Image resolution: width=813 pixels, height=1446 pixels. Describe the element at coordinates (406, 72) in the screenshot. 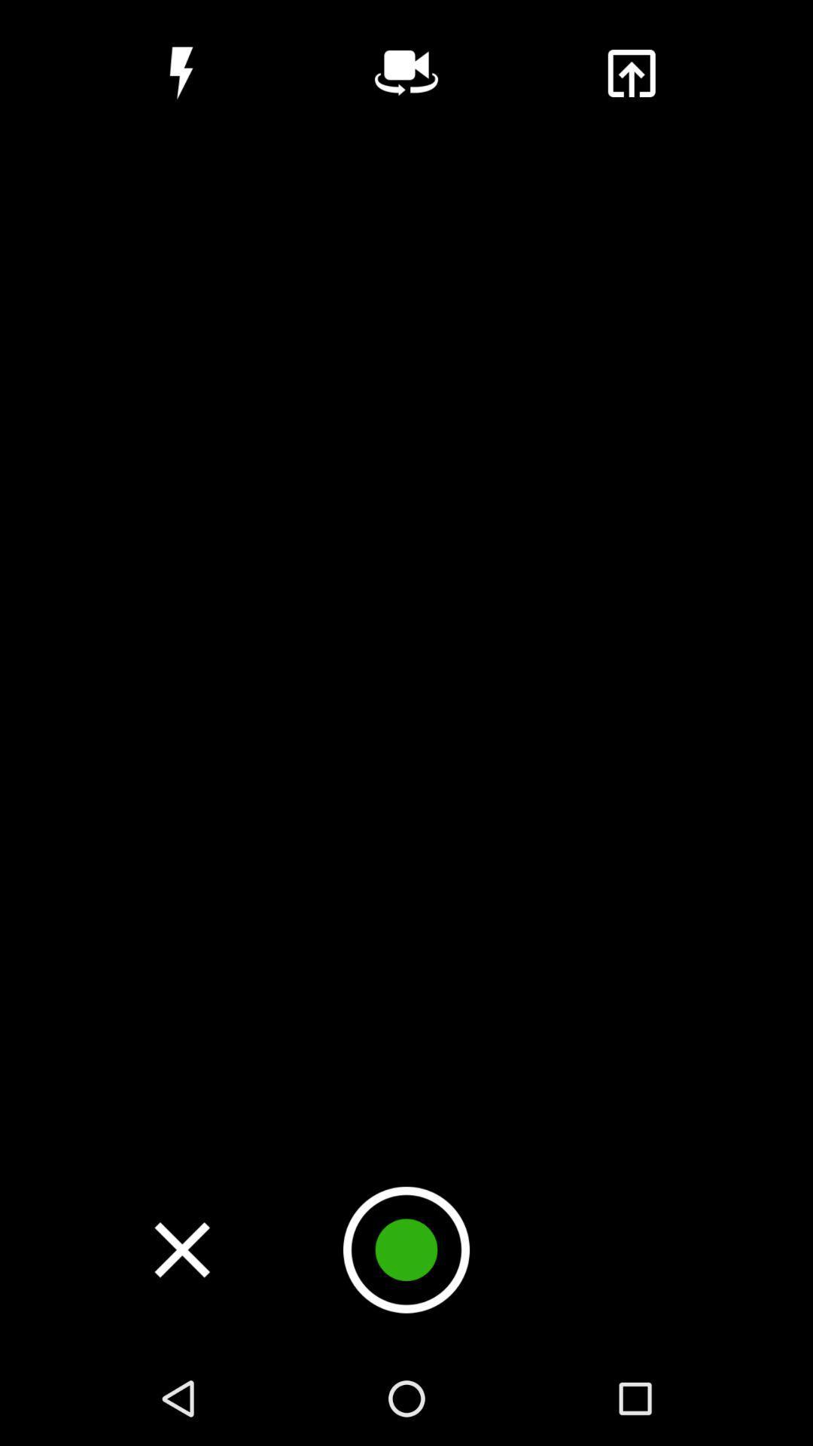

I see `the videocam icon` at that location.